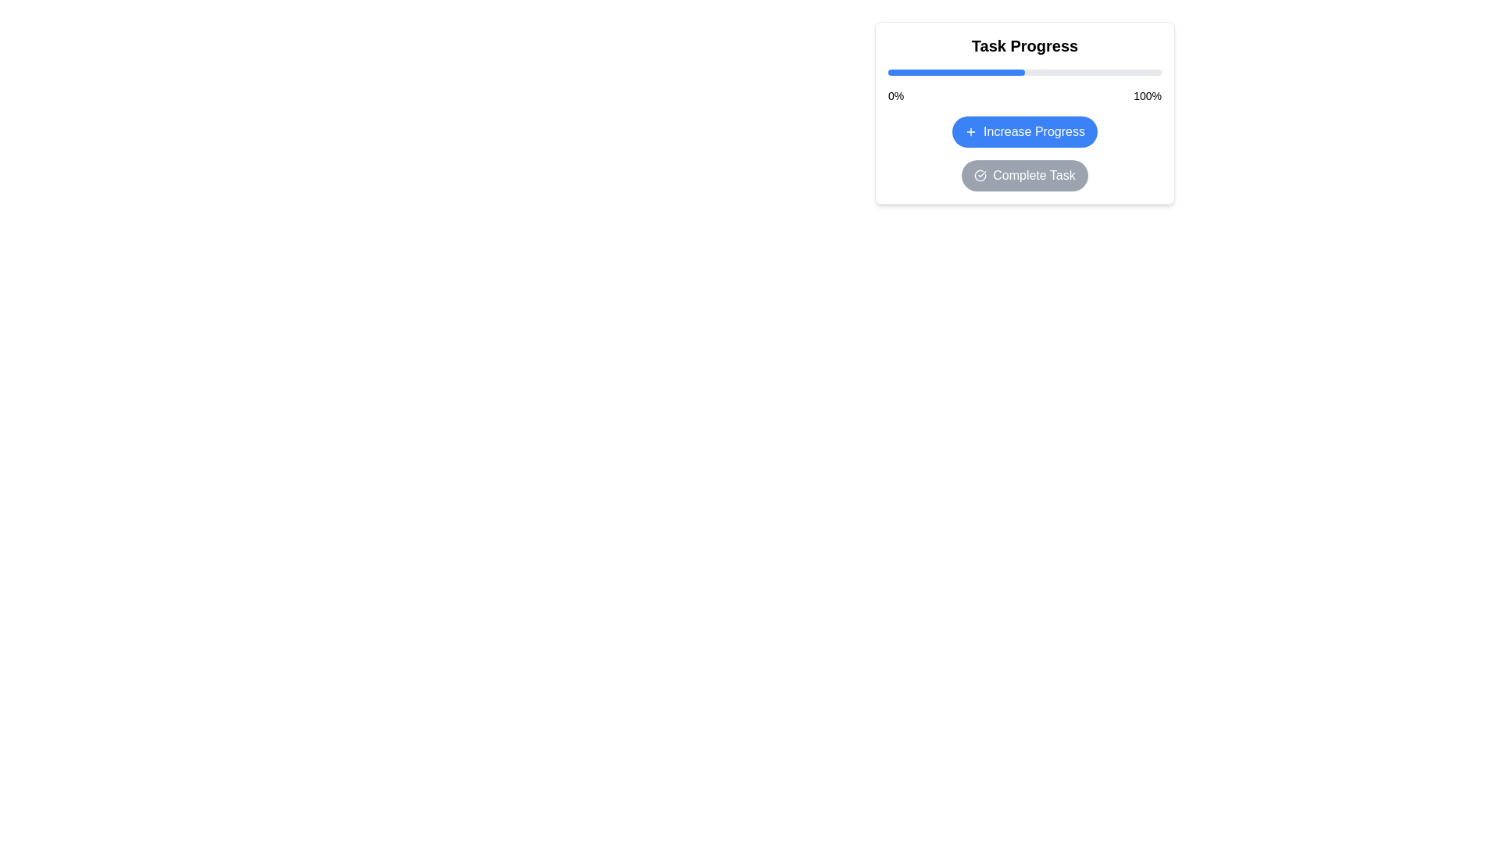  What do you see at coordinates (970, 131) in the screenshot?
I see `the decorative icon indicating 'increase' action within the blue button labeled 'Increase Progress'` at bounding box center [970, 131].